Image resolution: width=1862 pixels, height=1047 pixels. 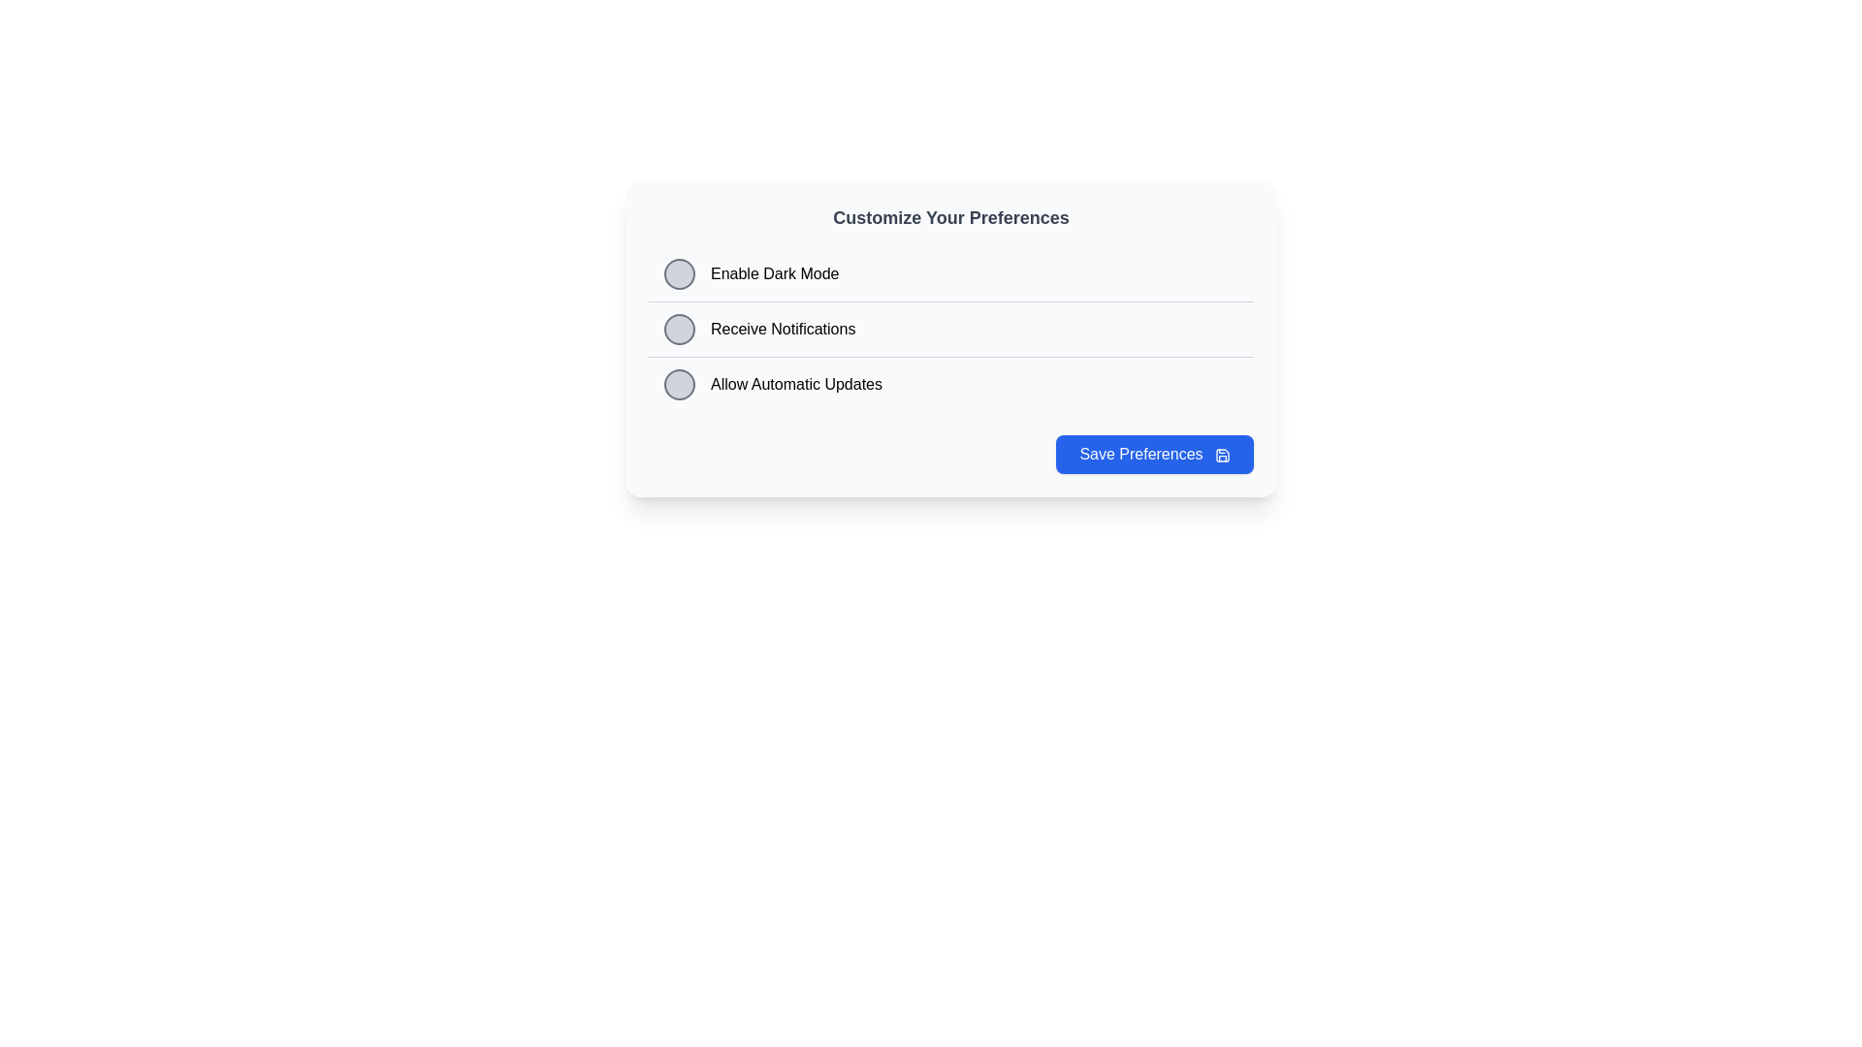 What do you see at coordinates (679, 385) in the screenshot?
I see `the radio button` at bounding box center [679, 385].